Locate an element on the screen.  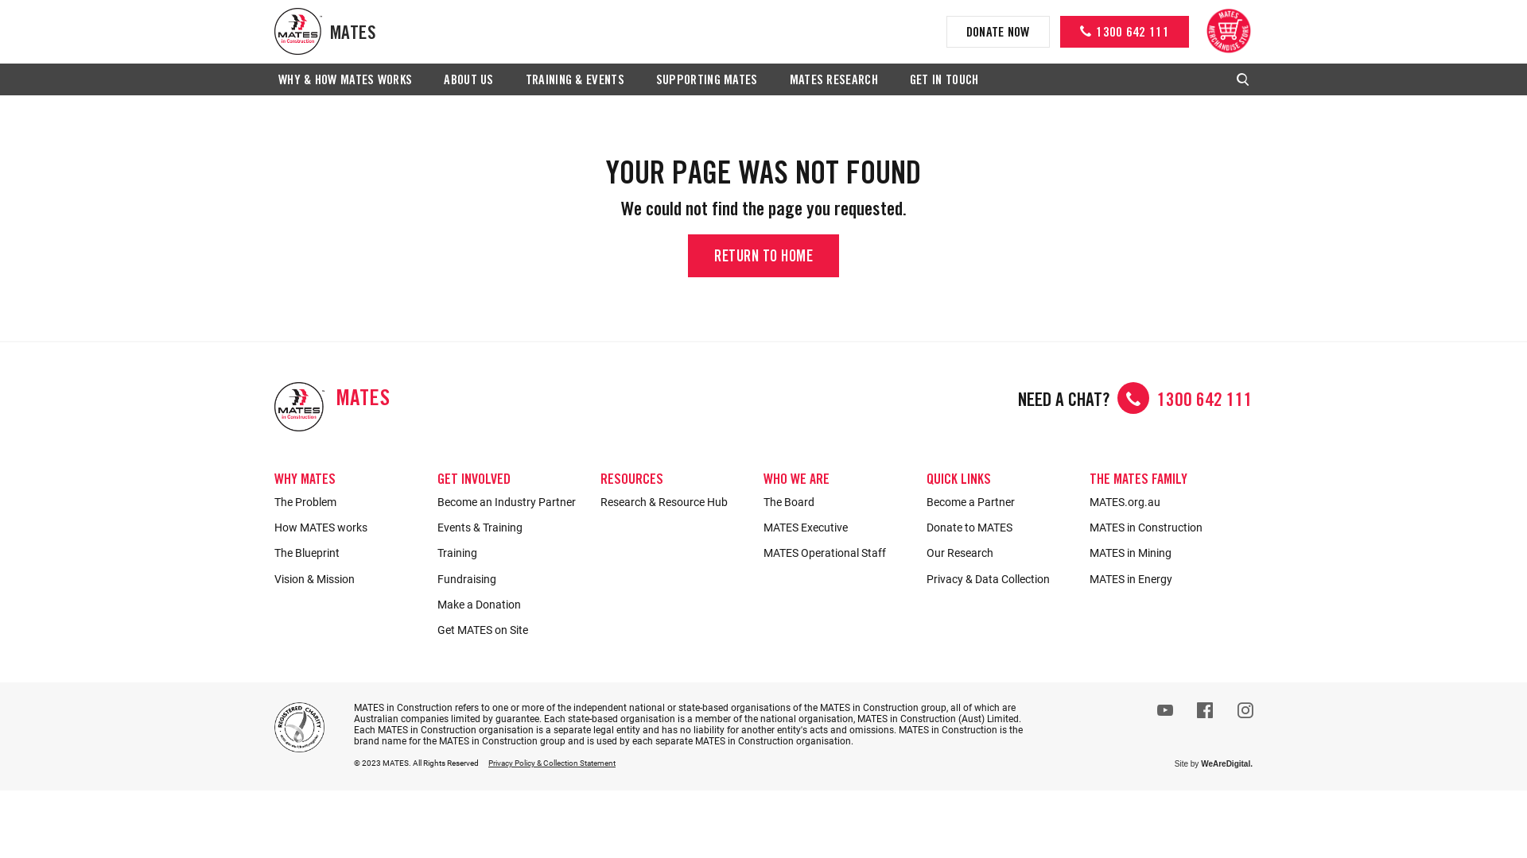
'RETURN TO HOME' is located at coordinates (687, 254).